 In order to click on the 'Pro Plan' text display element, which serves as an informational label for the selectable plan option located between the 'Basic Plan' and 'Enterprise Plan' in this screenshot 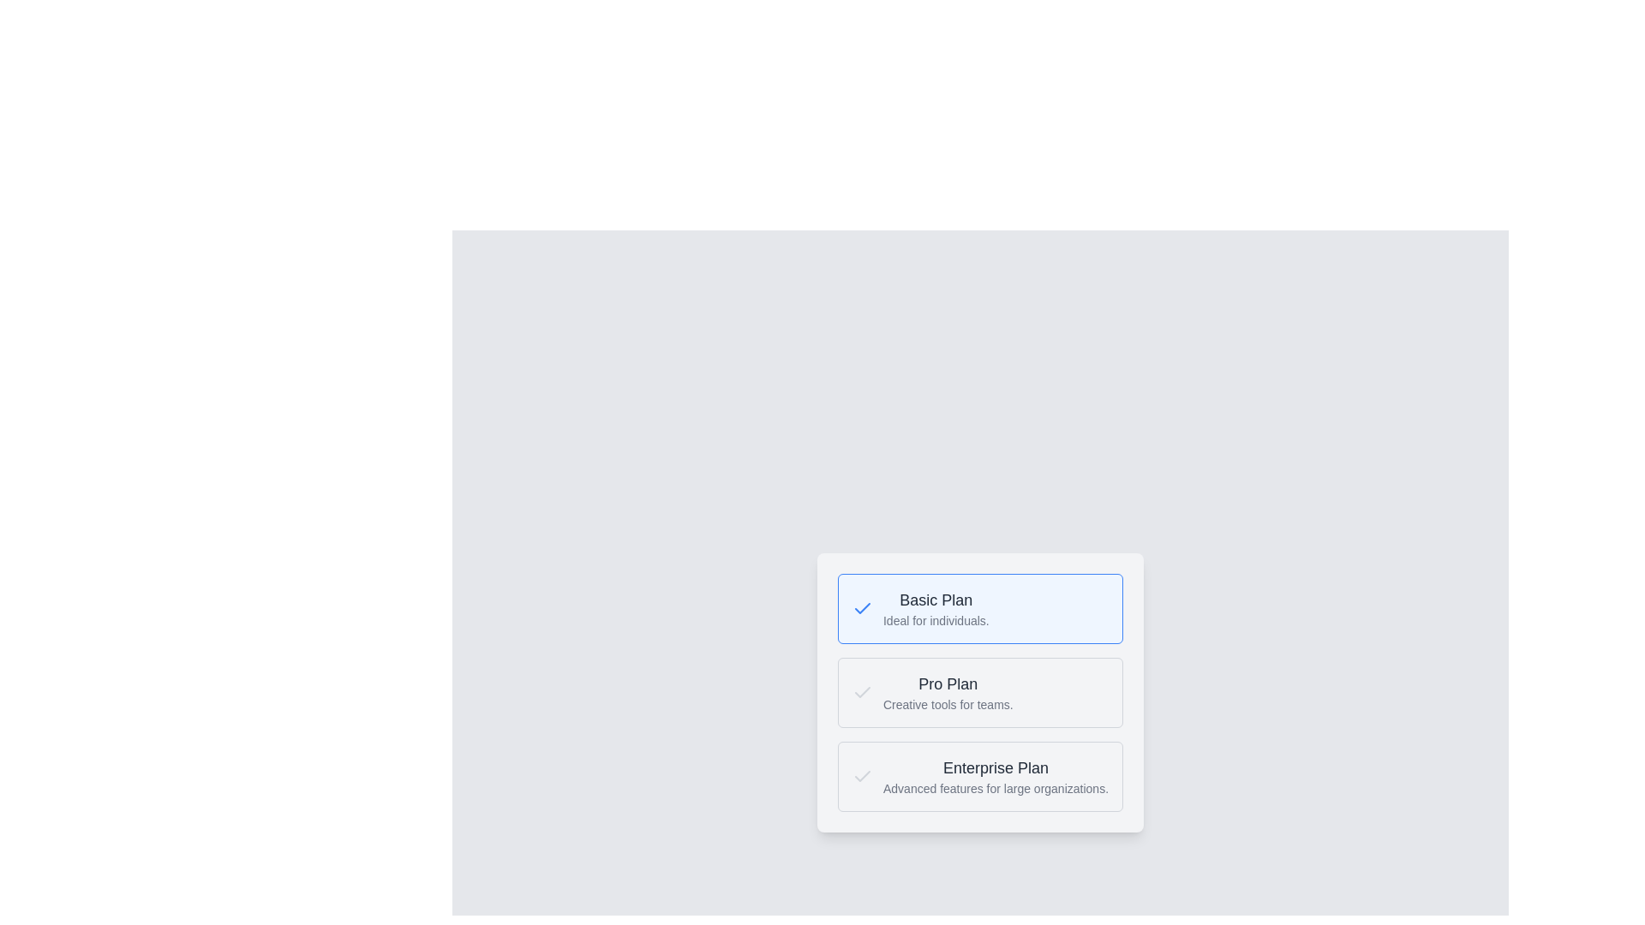, I will do `click(947, 692)`.